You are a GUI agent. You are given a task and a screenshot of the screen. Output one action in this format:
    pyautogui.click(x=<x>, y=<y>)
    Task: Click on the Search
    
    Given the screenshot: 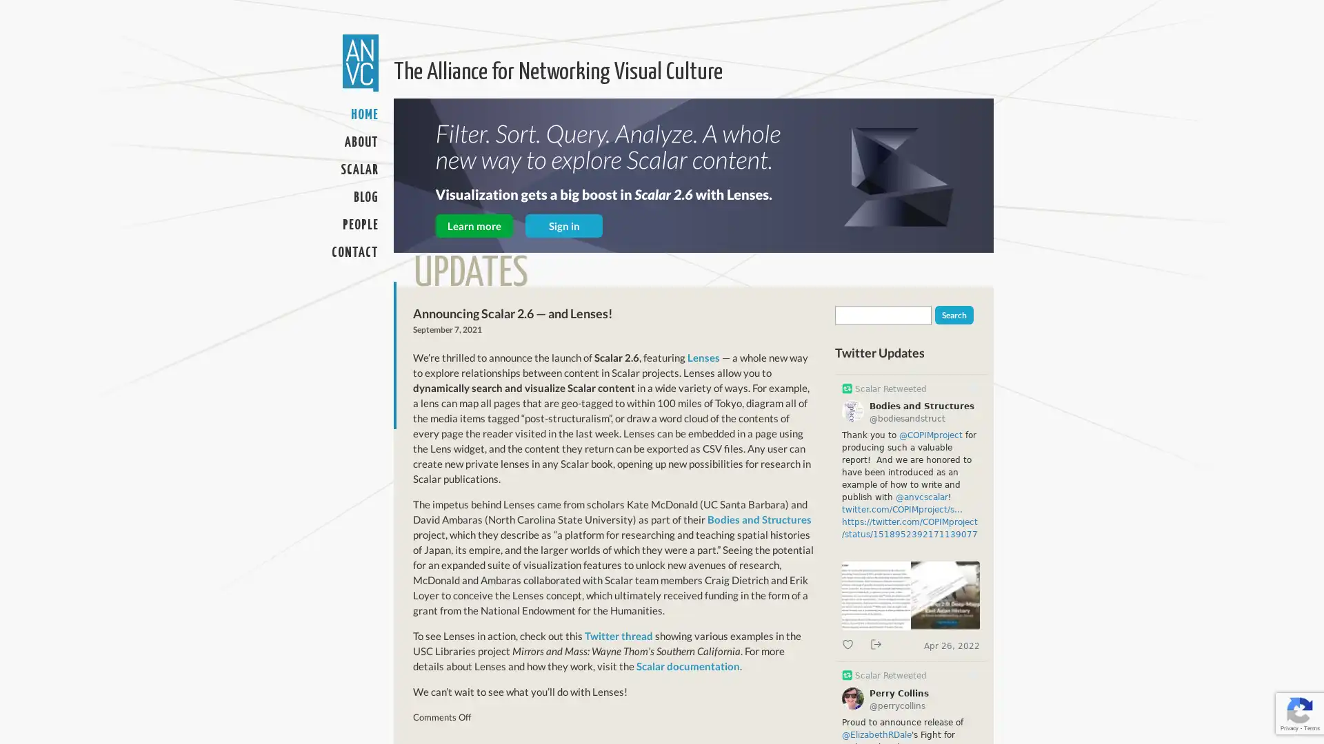 What is the action you would take?
    pyautogui.click(x=953, y=315)
    